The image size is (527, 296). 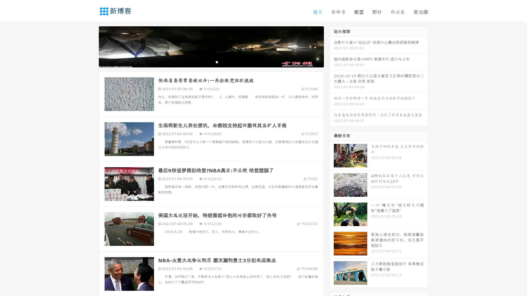 I want to click on Next slide, so click(x=332, y=46).